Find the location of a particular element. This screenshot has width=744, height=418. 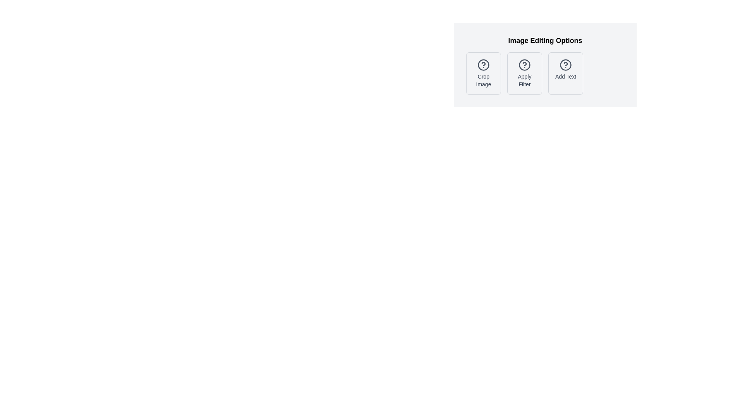

text content of the 'Crop Image' label, which is located below the icon in the leftmost option of the control bar is located at coordinates (483, 81).